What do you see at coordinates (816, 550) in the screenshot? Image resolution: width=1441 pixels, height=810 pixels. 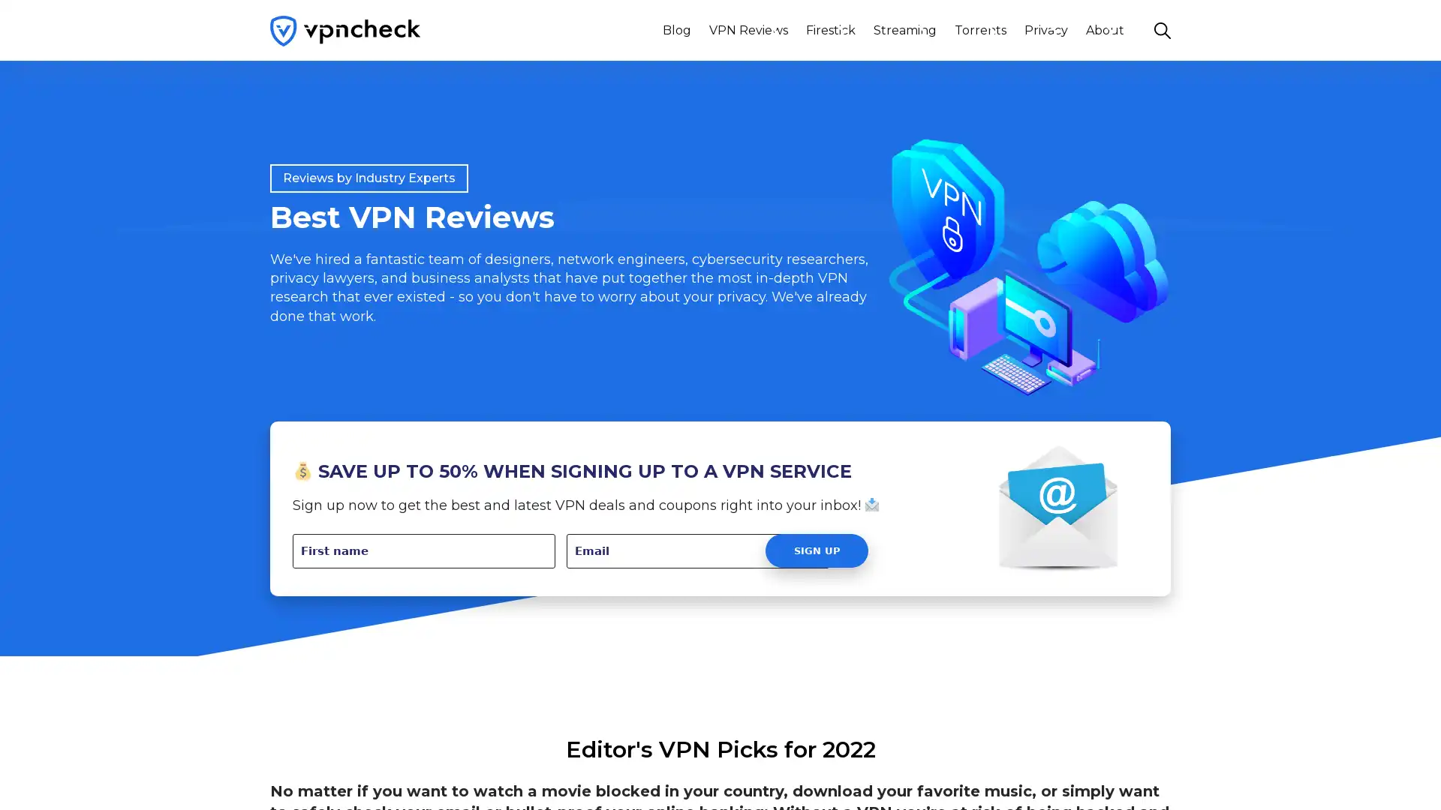 I see `Sign up` at bounding box center [816, 550].